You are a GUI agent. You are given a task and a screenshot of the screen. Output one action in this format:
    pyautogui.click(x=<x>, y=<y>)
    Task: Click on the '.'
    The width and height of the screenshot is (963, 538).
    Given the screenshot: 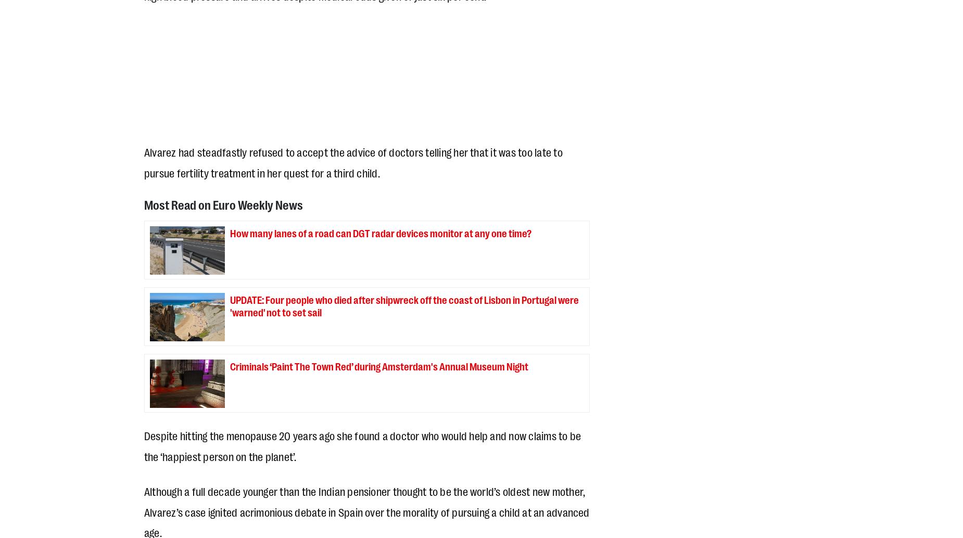 What is the action you would take?
    pyautogui.click(x=325, y=465)
    